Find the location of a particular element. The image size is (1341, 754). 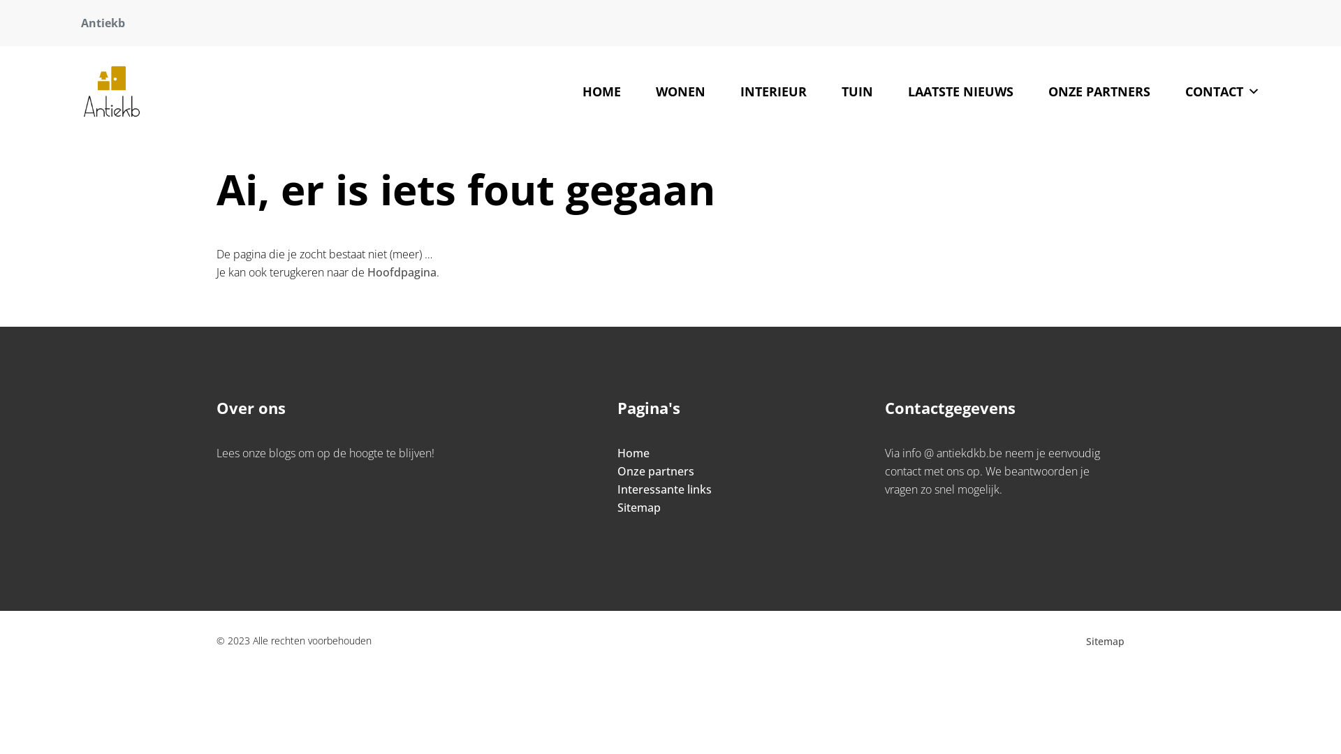

'Sitemap' is located at coordinates (1104, 641).